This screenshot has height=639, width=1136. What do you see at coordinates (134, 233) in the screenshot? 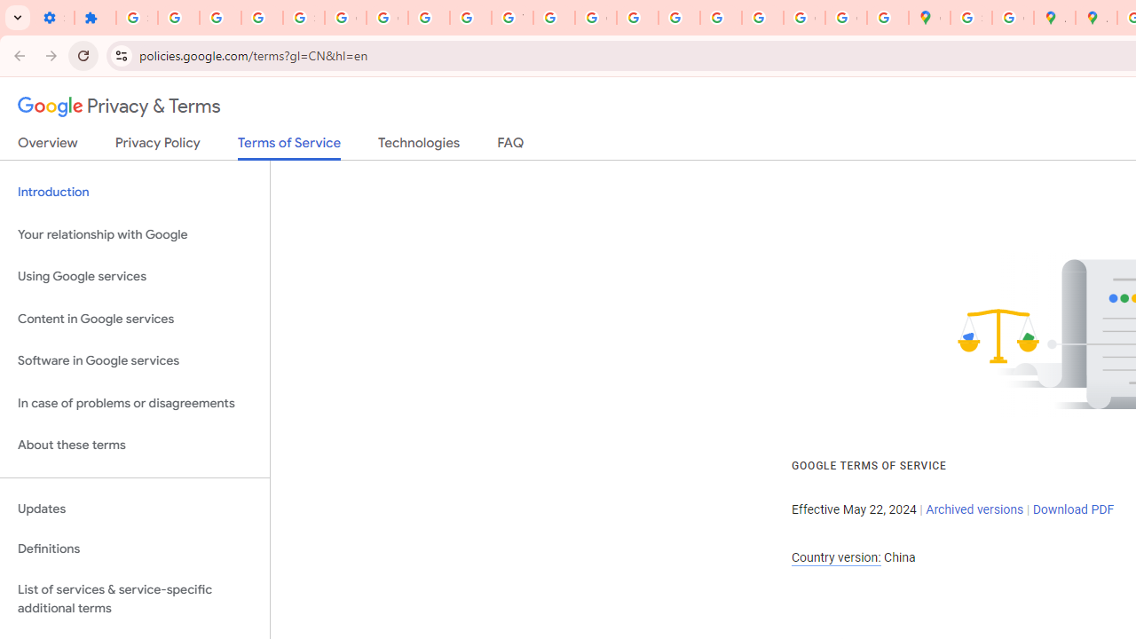
I see `'Your relationship with Google'` at bounding box center [134, 233].